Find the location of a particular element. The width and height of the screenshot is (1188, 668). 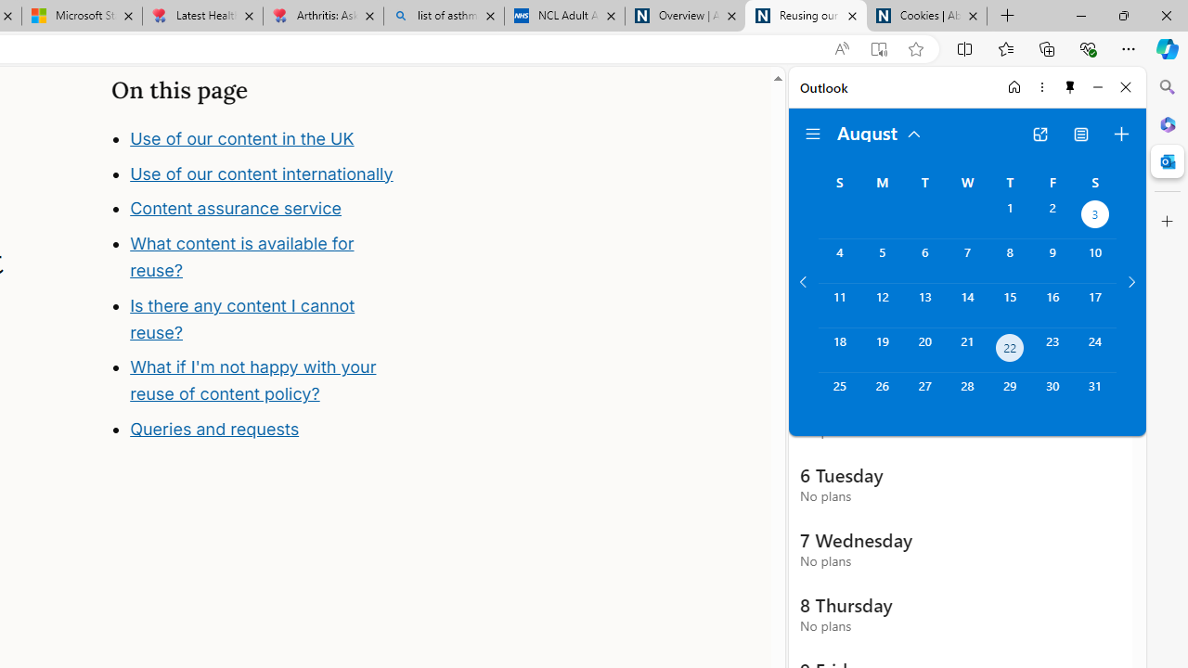

'Sunday, August 11, 2024. ' is located at coordinates (838, 304).